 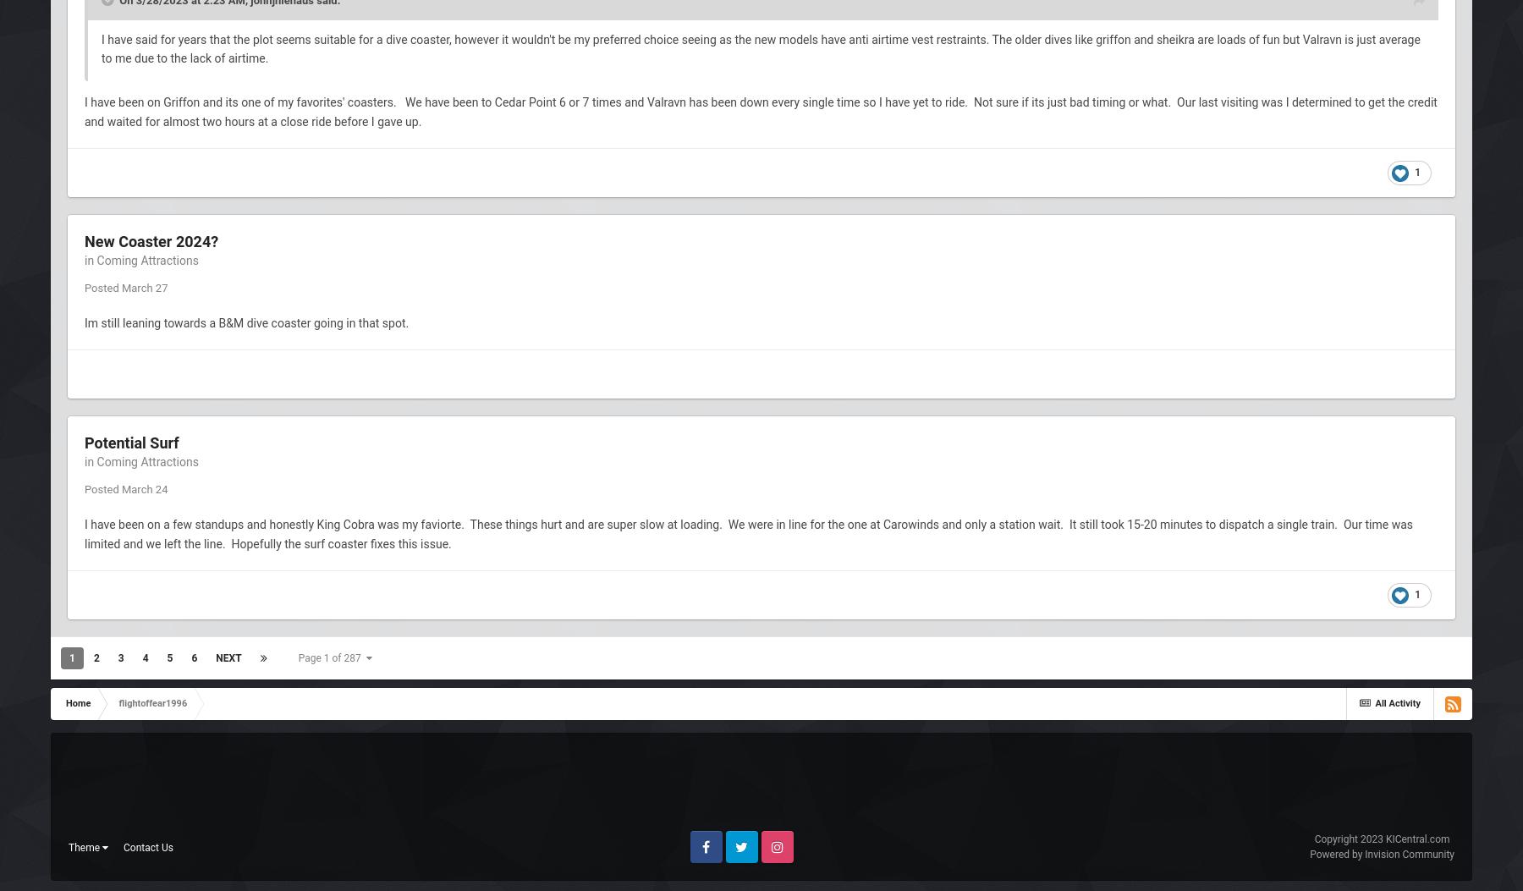 What do you see at coordinates (141, 657) in the screenshot?
I see `'4'` at bounding box center [141, 657].